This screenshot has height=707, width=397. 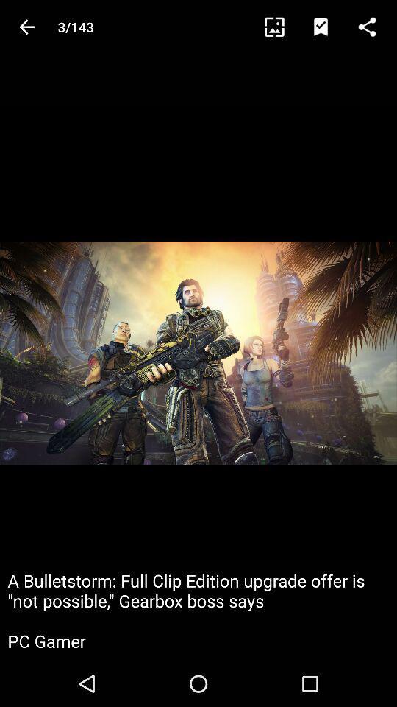 I want to click on the item at the top left corner, so click(x=26, y=26).